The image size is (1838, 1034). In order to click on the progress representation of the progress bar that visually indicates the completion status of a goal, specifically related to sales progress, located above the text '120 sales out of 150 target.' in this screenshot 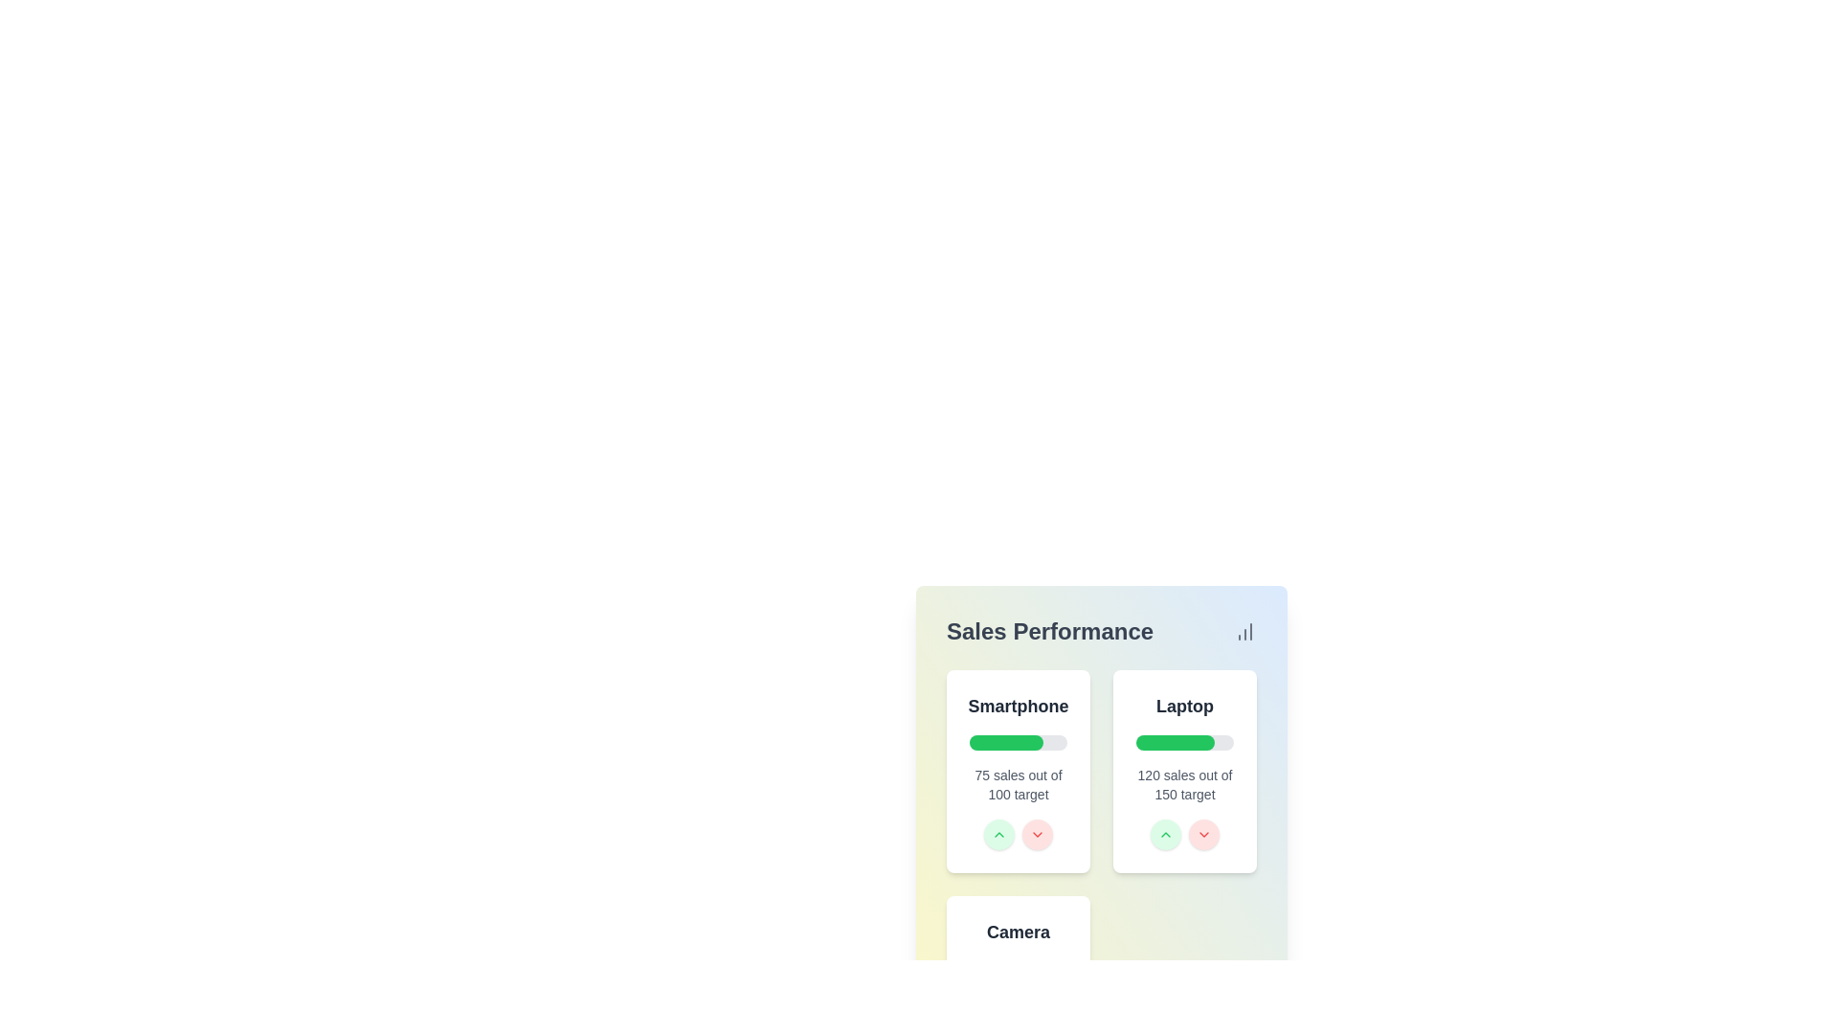, I will do `click(1184, 741)`.